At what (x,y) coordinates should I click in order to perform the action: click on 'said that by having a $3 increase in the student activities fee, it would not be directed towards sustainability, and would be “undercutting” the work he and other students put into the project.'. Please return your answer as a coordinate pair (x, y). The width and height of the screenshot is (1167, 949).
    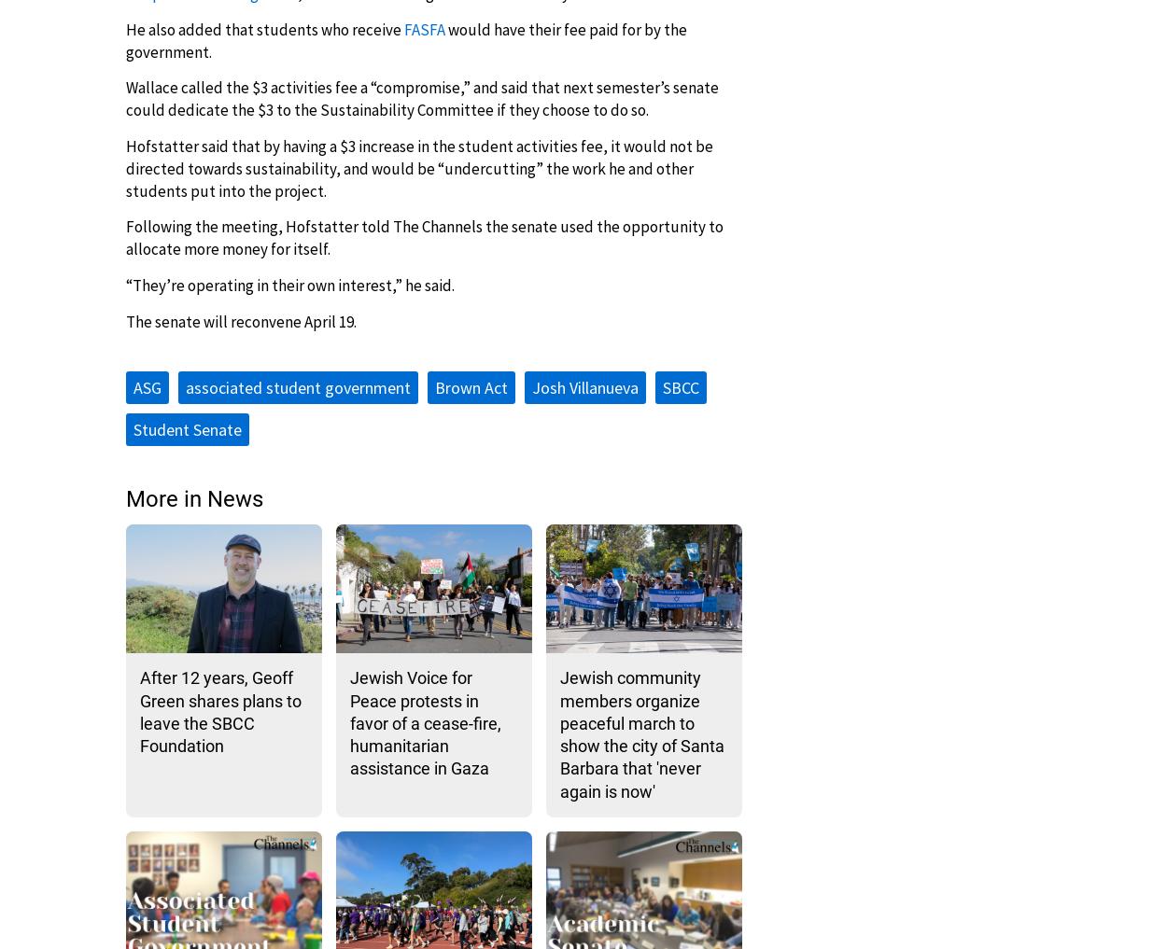
    Looking at the image, I should click on (418, 168).